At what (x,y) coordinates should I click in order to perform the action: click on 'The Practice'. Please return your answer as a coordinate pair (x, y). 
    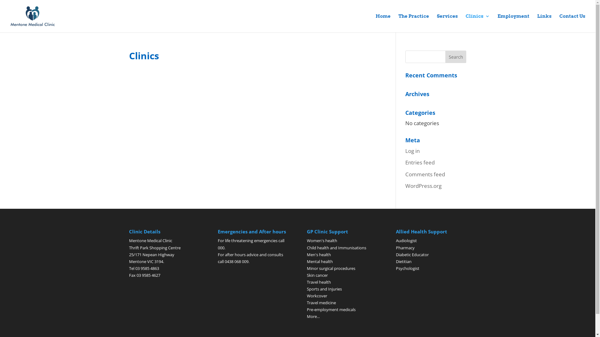
    Looking at the image, I should click on (414, 23).